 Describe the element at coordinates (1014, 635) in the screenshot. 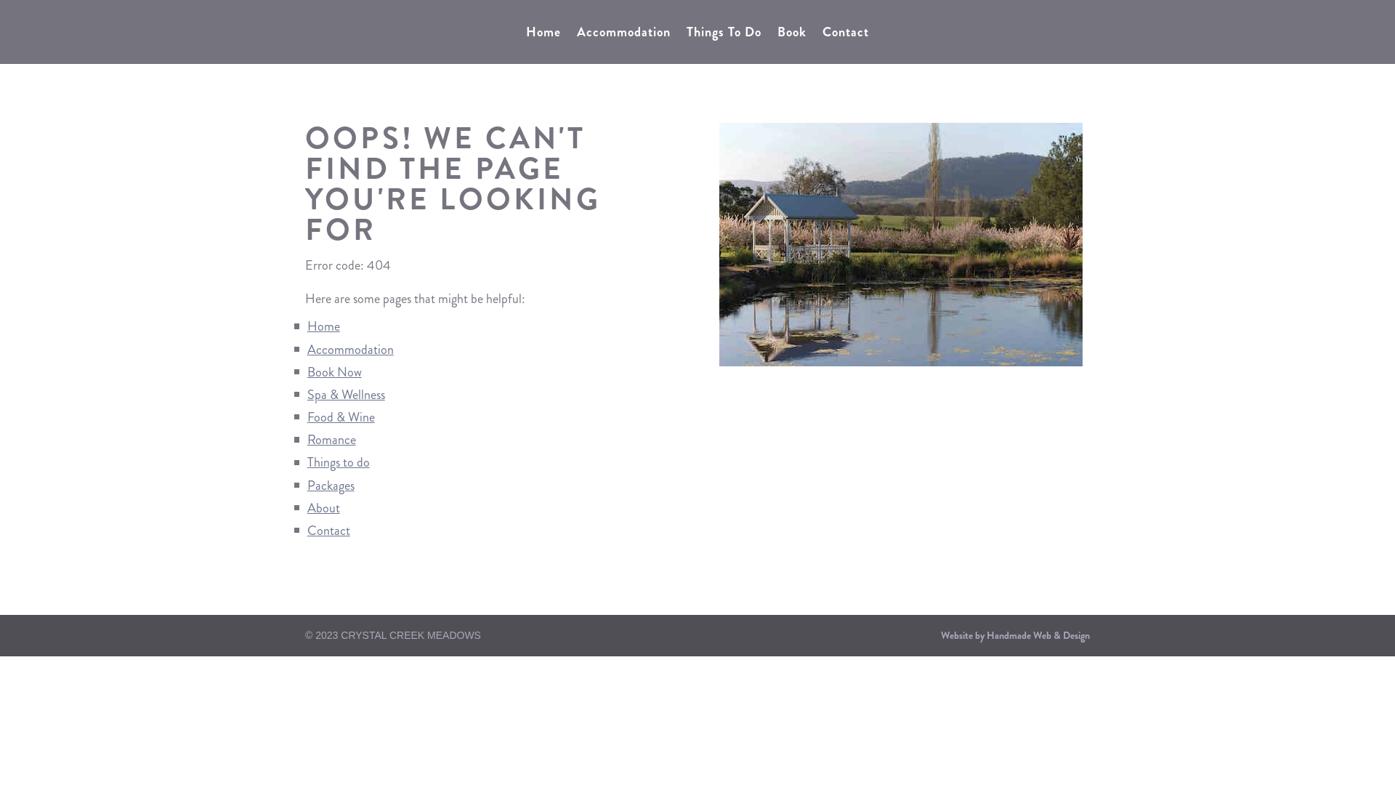

I see `'Website by Handmade Web & Design'` at that location.